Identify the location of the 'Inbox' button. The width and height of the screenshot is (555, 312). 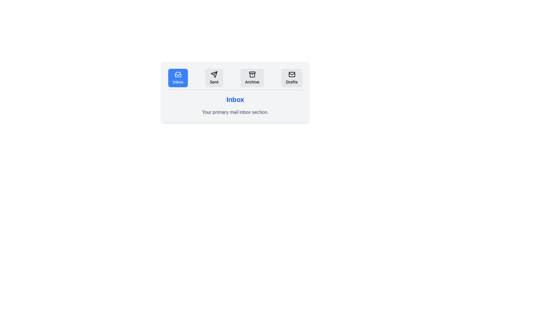
(177, 78).